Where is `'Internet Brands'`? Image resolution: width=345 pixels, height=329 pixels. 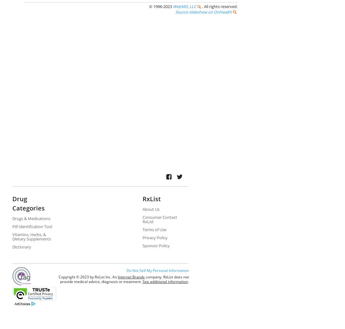 'Internet Brands' is located at coordinates (131, 277).